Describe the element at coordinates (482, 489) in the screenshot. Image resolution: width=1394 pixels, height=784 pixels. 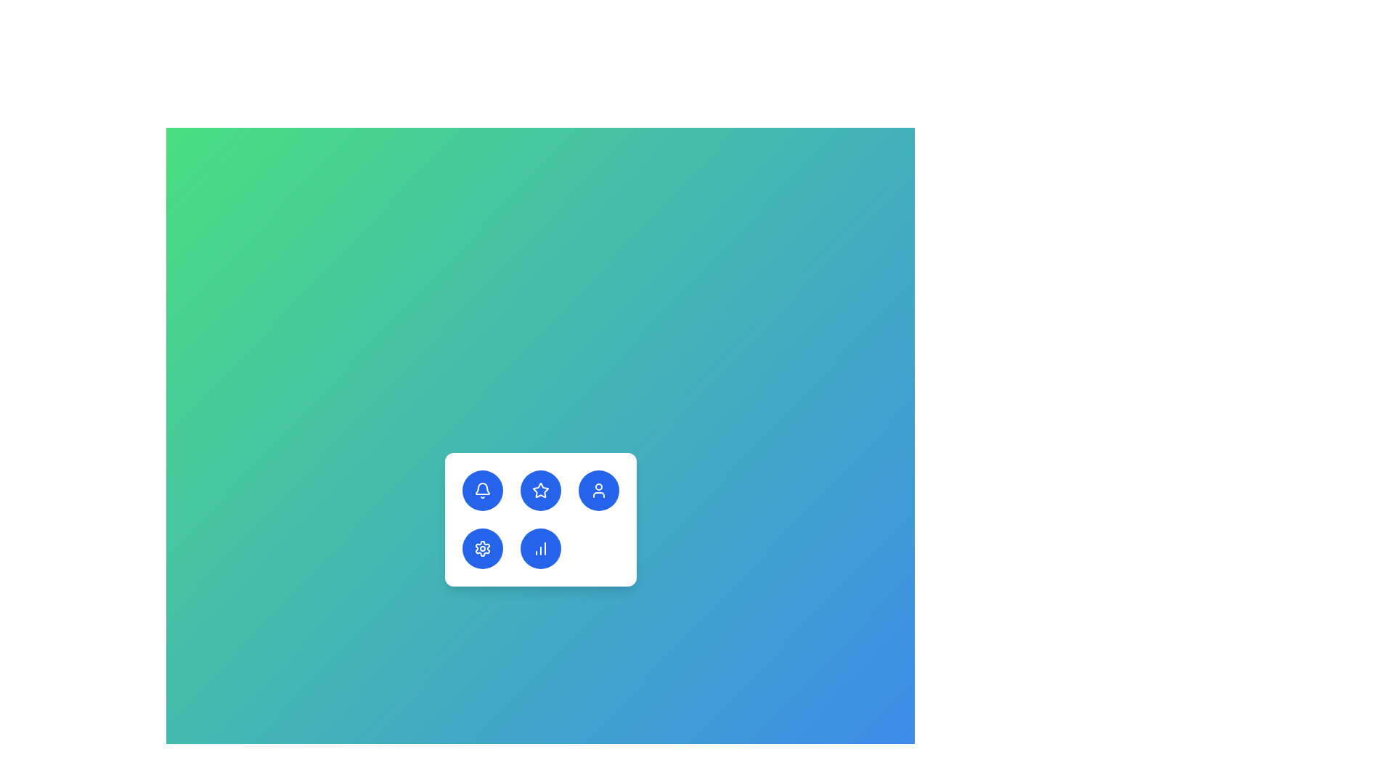
I see `the blue bell icon associated with notifications` at that location.